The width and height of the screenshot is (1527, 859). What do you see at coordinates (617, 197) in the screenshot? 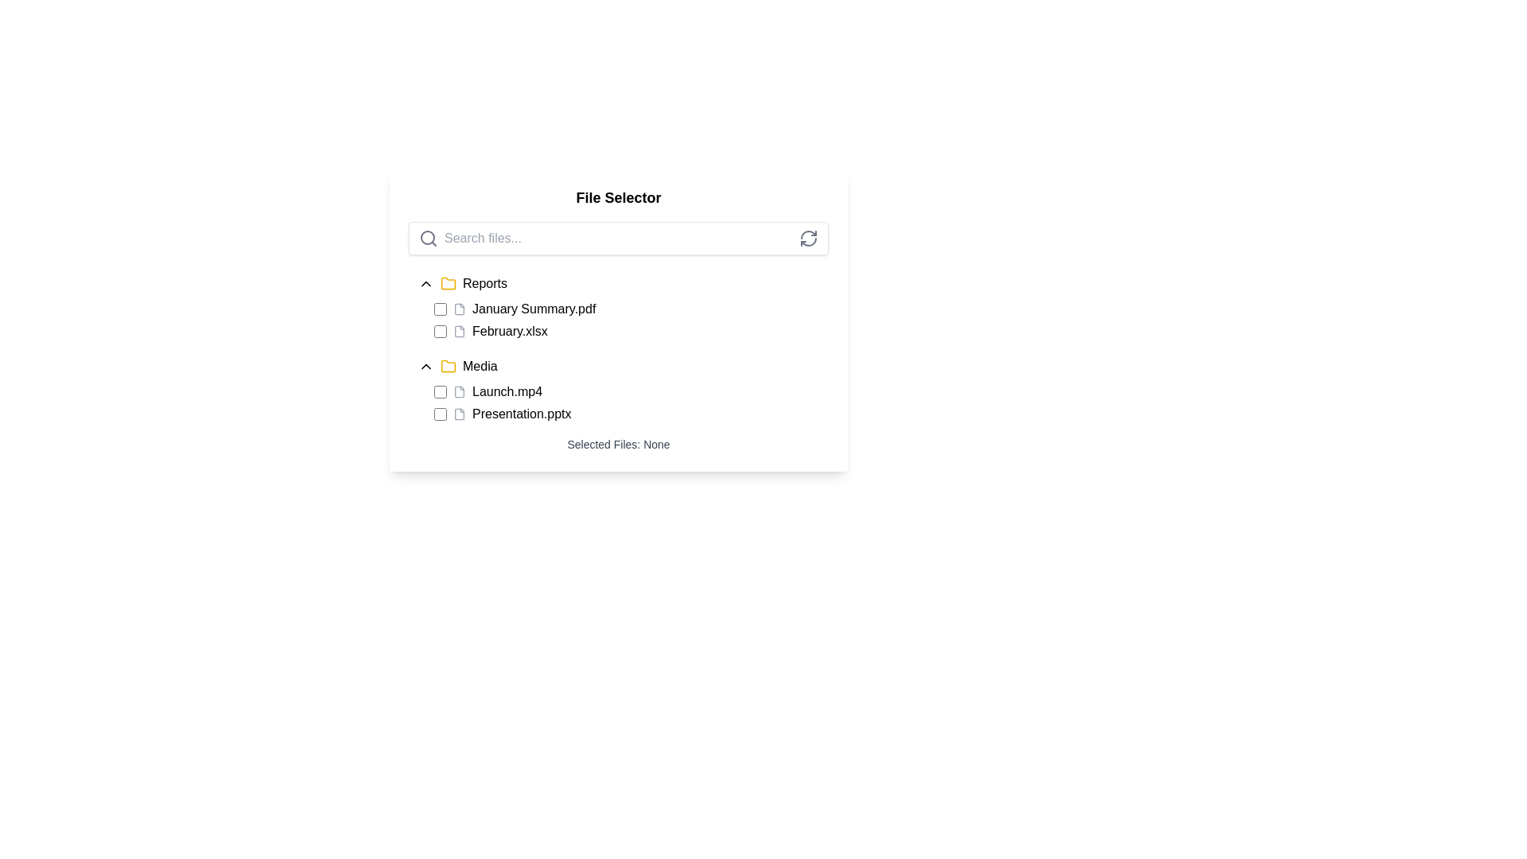
I see `the text header displaying the title 'File Selector', which is styled in bold and is located at the top-center of the interface` at bounding box center [617, 197].